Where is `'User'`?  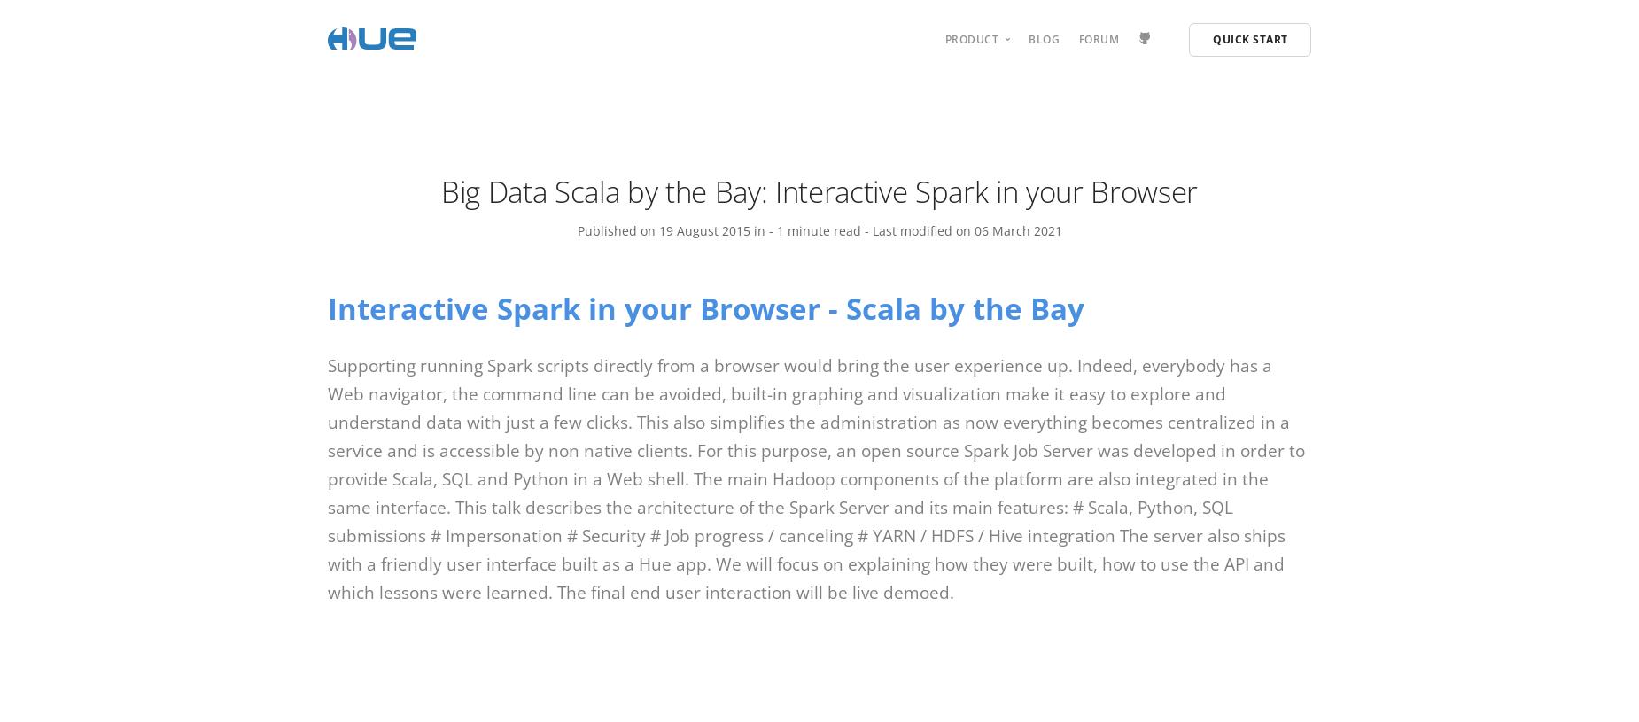
'User' is located at coordinates (967, 92).